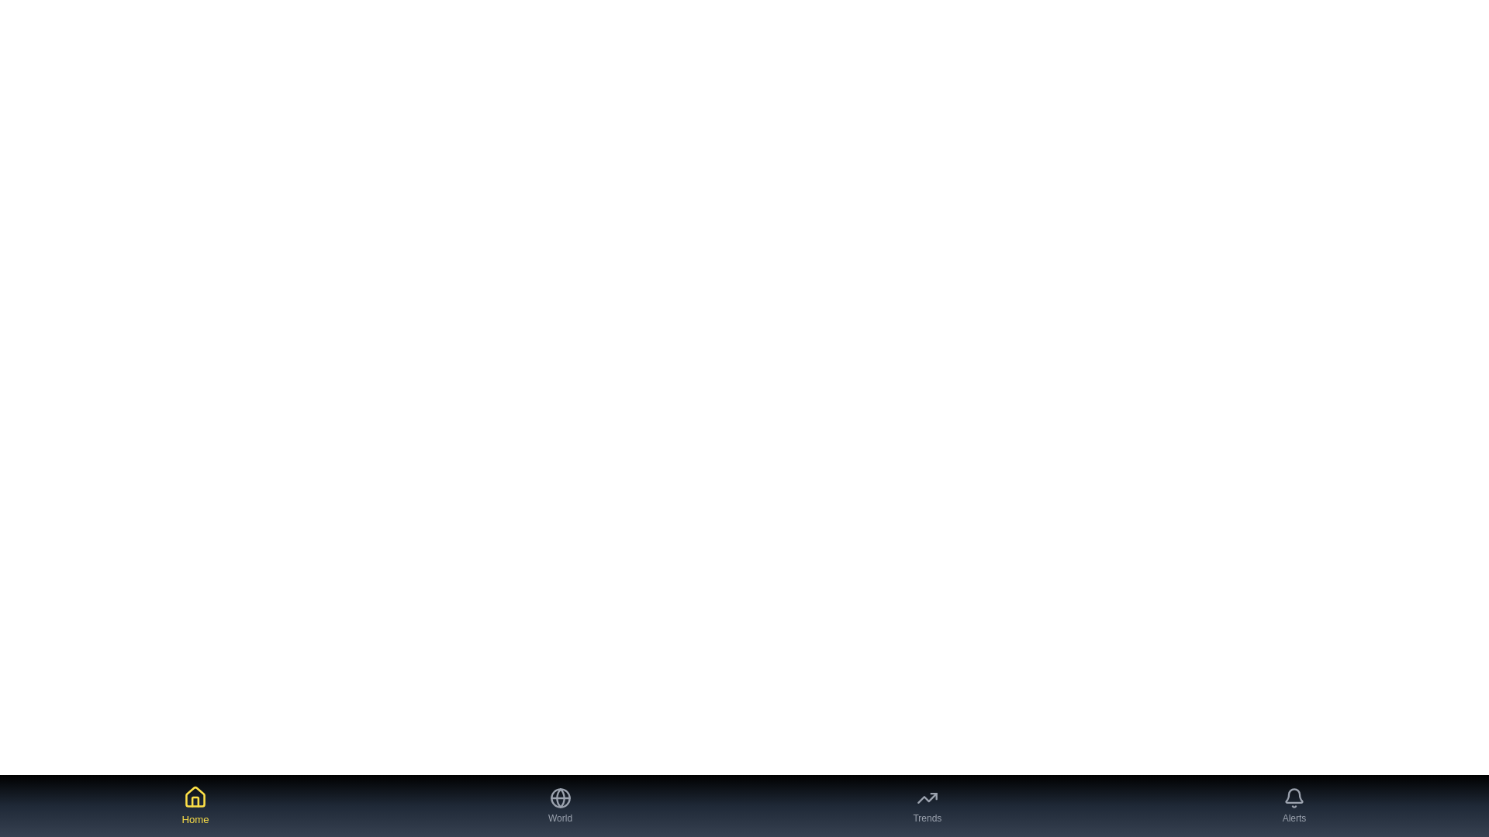  What do you see at coordinates (559, 805) in the screenshot?
I see `the World button to observe the hover effect` at bounding box center [559, 805].